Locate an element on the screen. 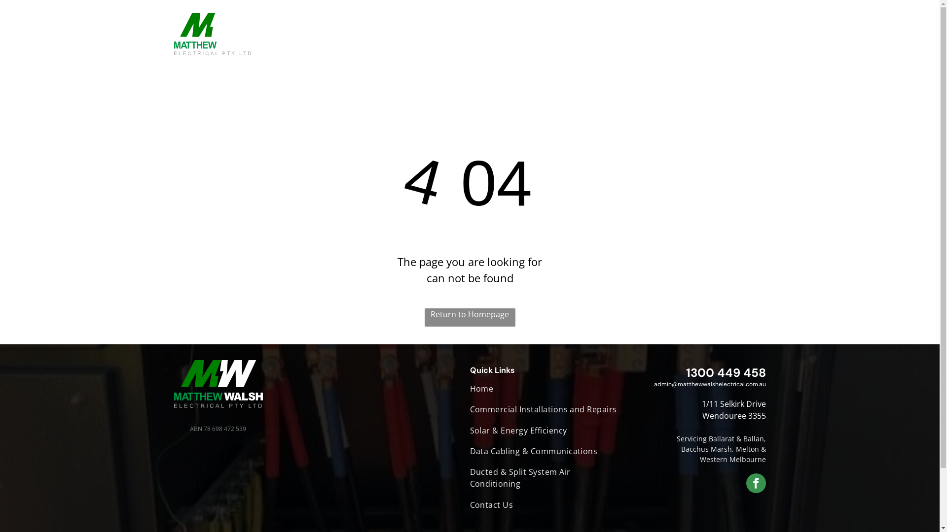 The height and width of the screenshot is (532, 947). 'Return to Homepage' is located at coordinates (469, 317).